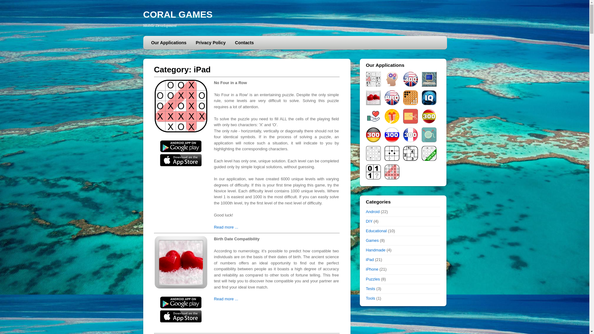  I want to click on 'CORAL GAMES', so click(177, 14).